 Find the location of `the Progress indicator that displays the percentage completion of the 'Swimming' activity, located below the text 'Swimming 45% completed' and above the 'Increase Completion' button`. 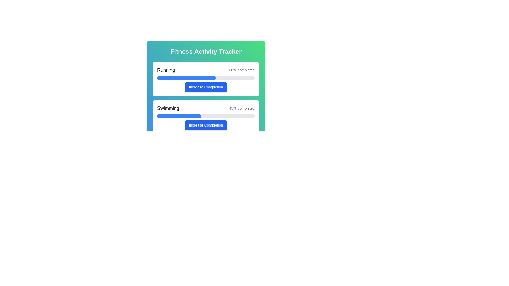

the Progress indicator that displays the percentage completion of the 'Swimming' activity, located below the text 'Swimming 45% completed' and above the 'Increase Completion' button is located at coordinates (206, 116).